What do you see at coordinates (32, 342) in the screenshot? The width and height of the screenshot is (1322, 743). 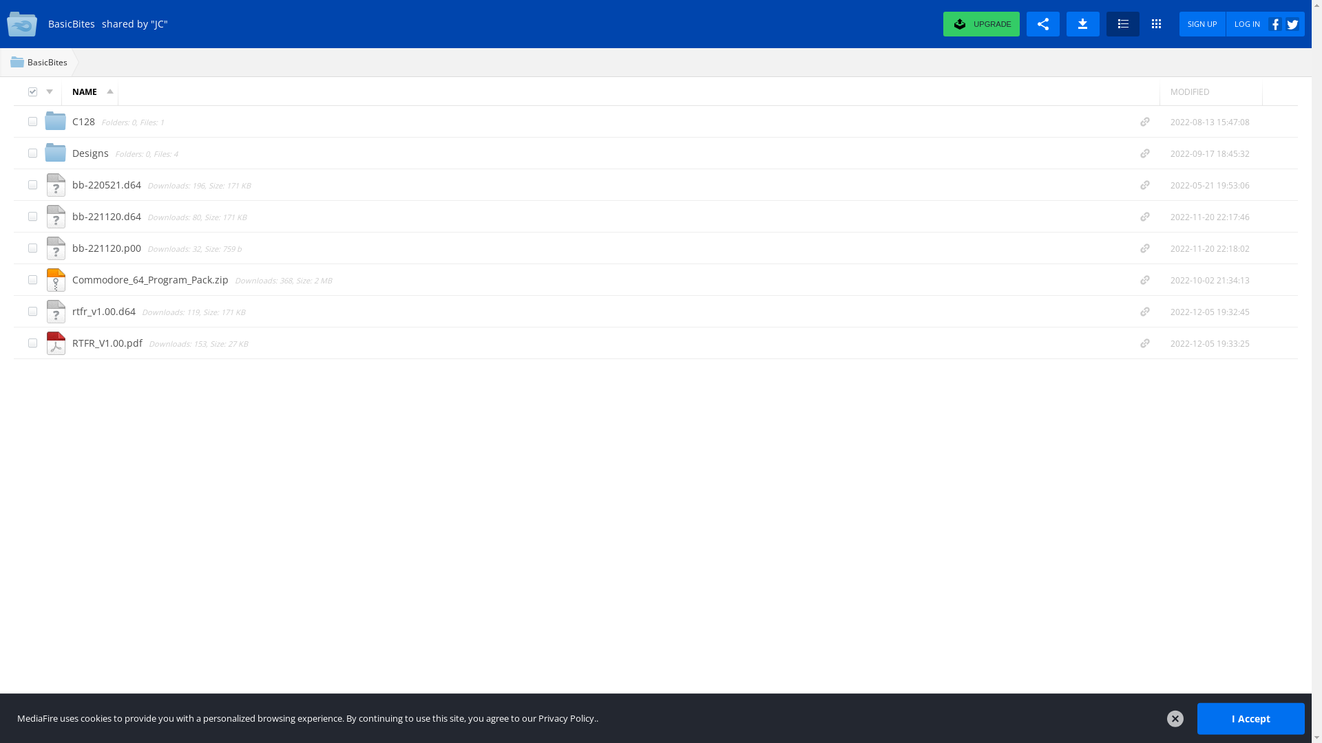 I see `'Select/Deselect Item'` at bounding box center [32, 342].